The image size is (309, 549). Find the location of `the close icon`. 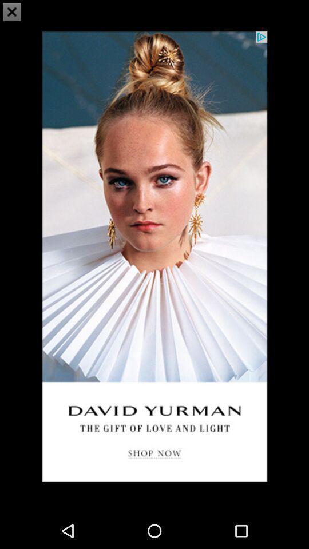

the close icon is located at coordinates (11, 11).